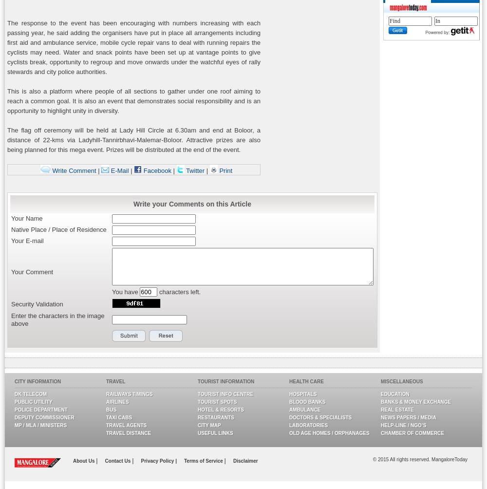 This screenshot has width=487, height=489. Describe the element at coordinates (27, 218) in the screenshot. I see `'Your Name'` at that location.